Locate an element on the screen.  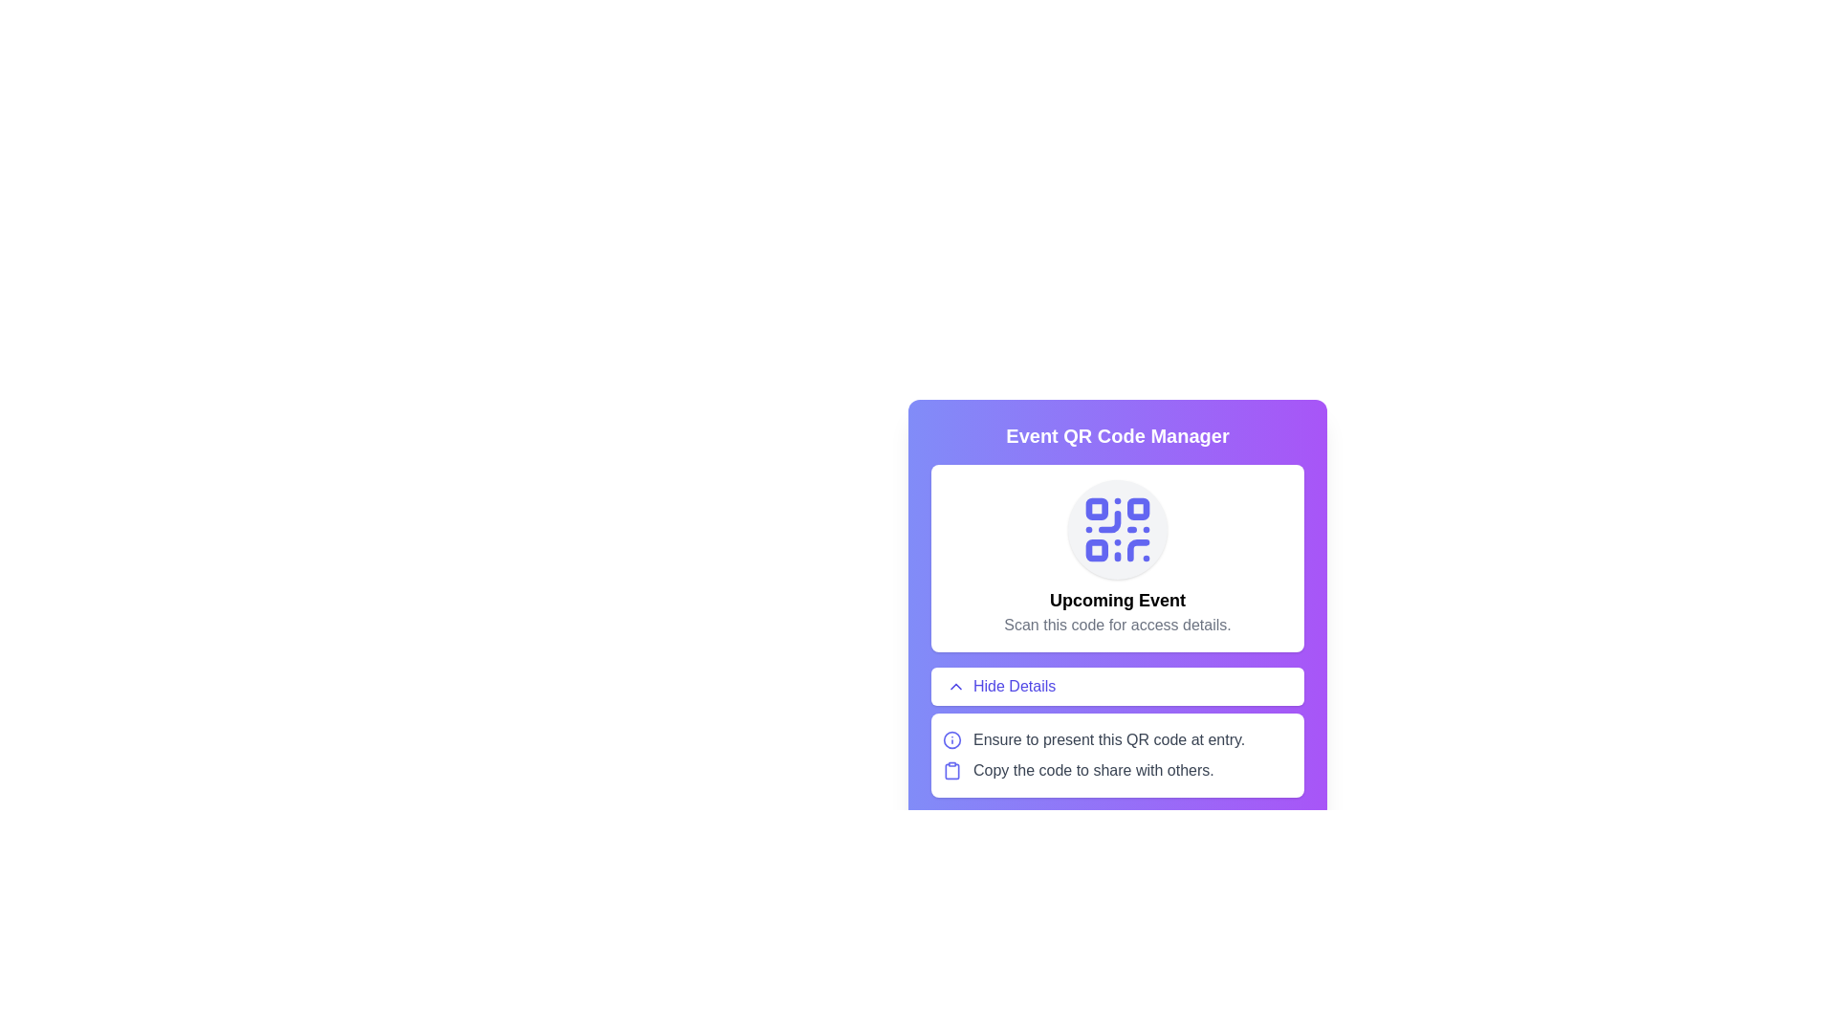
text from the Text Block that contains 'Upcoming Event' and 'Scan this code for access details.' is located at coordinates (1118, 612).